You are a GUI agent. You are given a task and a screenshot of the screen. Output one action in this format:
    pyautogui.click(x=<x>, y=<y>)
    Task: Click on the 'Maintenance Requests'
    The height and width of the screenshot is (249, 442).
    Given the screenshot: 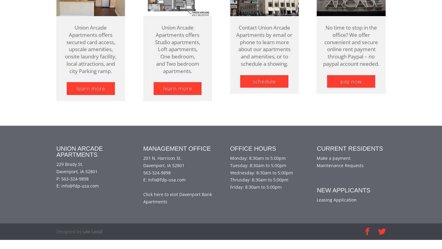 What is the action you would take?
    pyautogui.click(x=340, y=174)
    